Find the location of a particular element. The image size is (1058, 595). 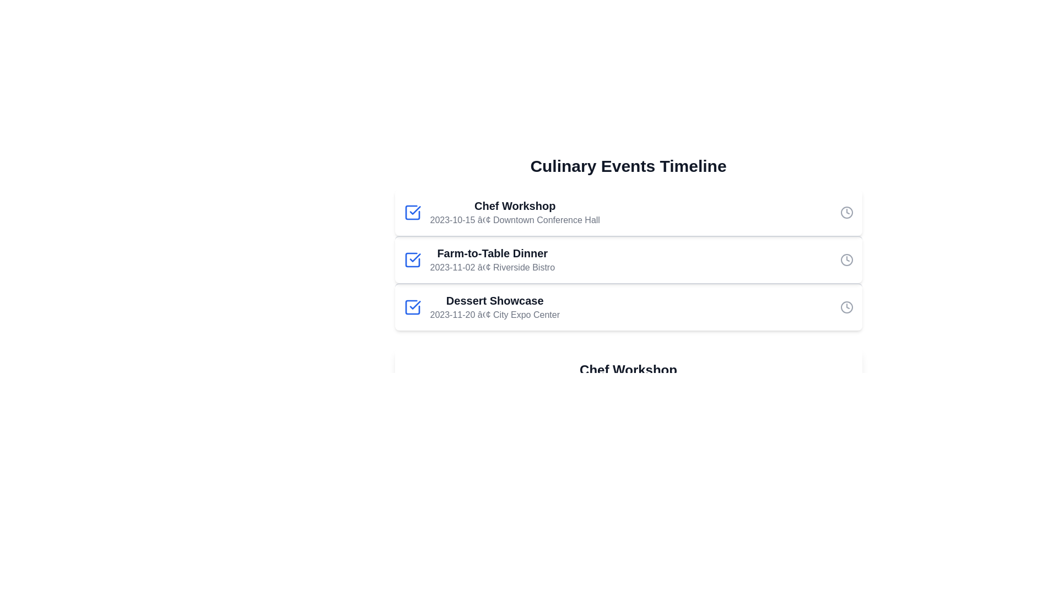

the outermost circular component of the clock icon, which is to the right of the 'Farm-to-Table Dinner' text in the second list item of the timeline interface is located at coordinates (846, 259).